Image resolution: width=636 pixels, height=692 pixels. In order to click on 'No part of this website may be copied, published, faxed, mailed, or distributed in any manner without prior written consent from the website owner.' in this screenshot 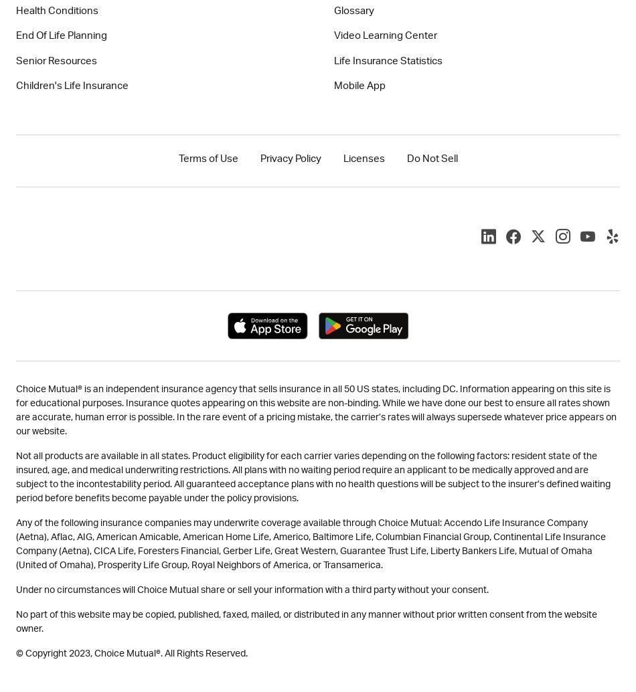, I will do `click(305, 620)`.